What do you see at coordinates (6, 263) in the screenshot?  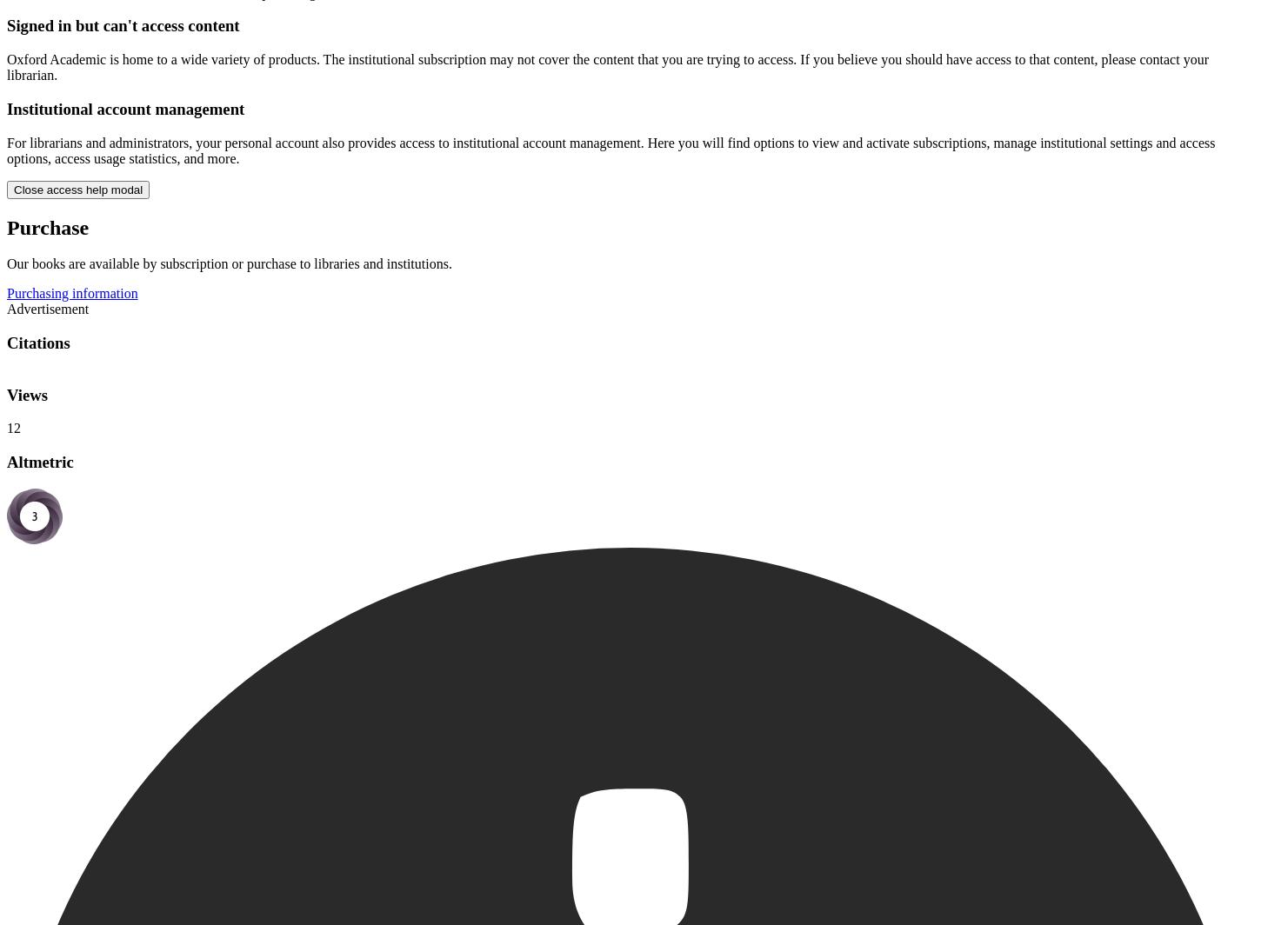 I see `'Our books are available by subscription or purchase to libraries and institutions.'` at bounding box center [6, 263].